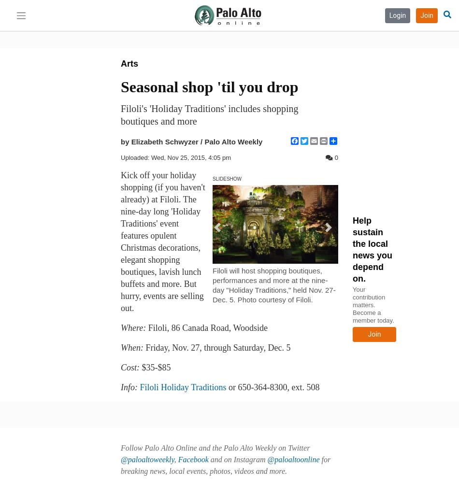  Describe the element at coordinates (215, 448) in the screenshot. I see `'Follow Palo Alto Online and the Palo Alto Weekly on Twitter'` at that location.